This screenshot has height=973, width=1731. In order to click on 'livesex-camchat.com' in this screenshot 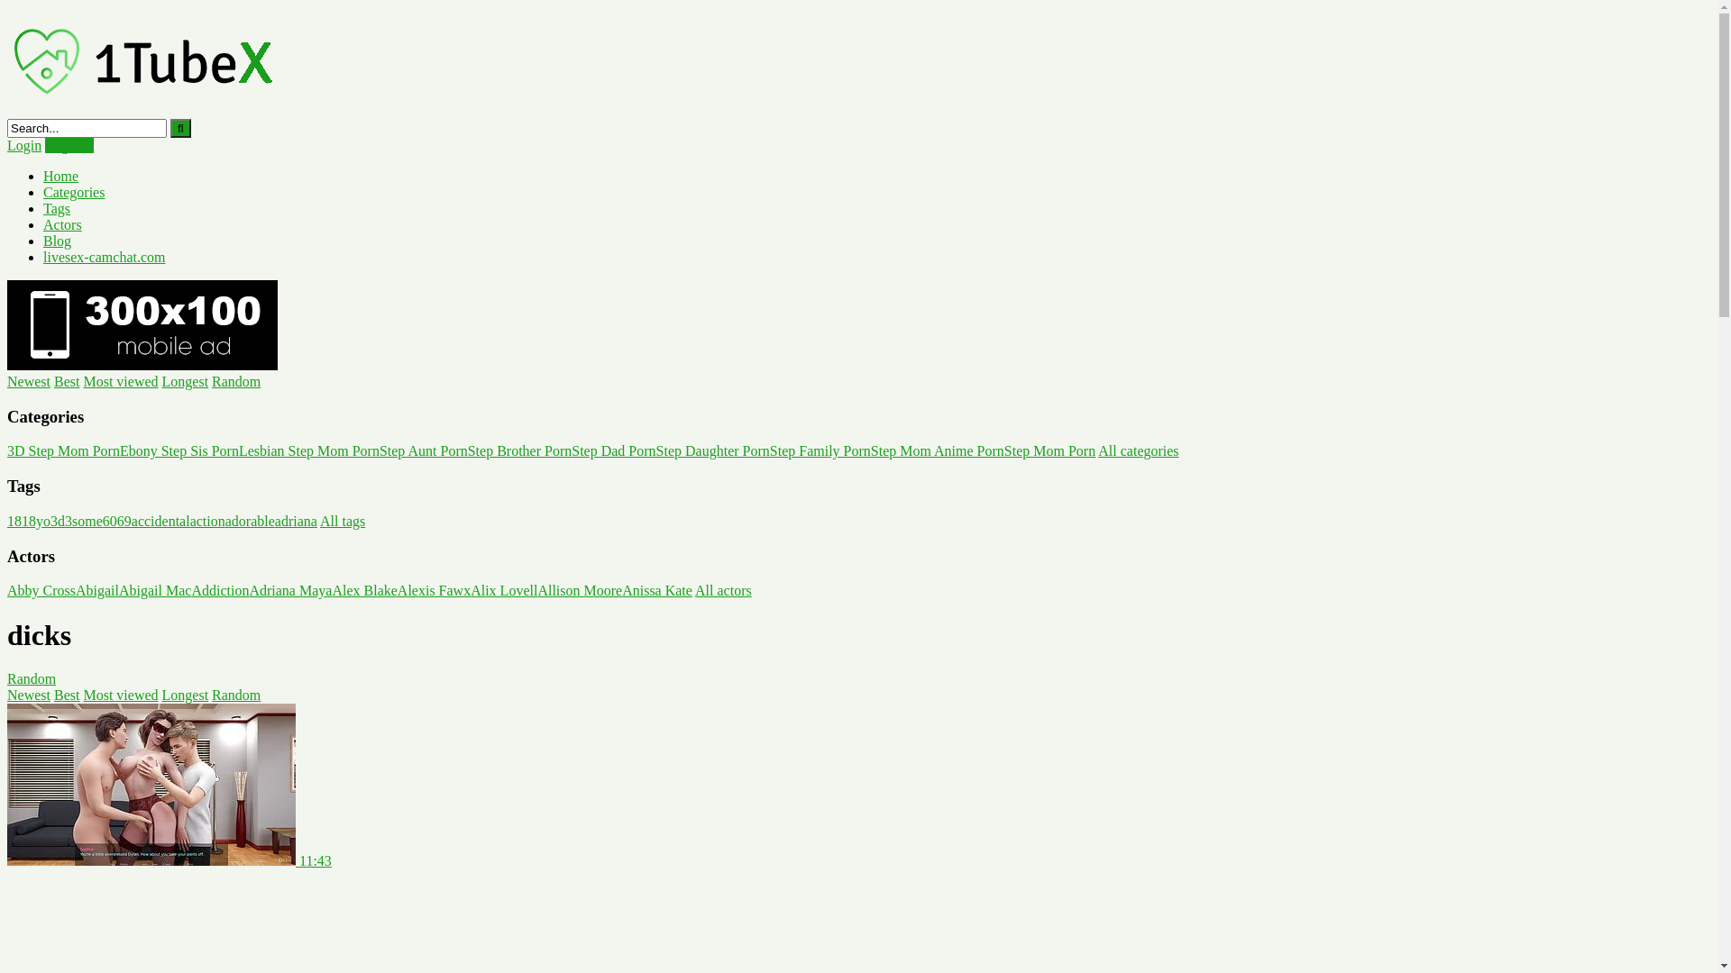, I will do `click(43, 257)`.